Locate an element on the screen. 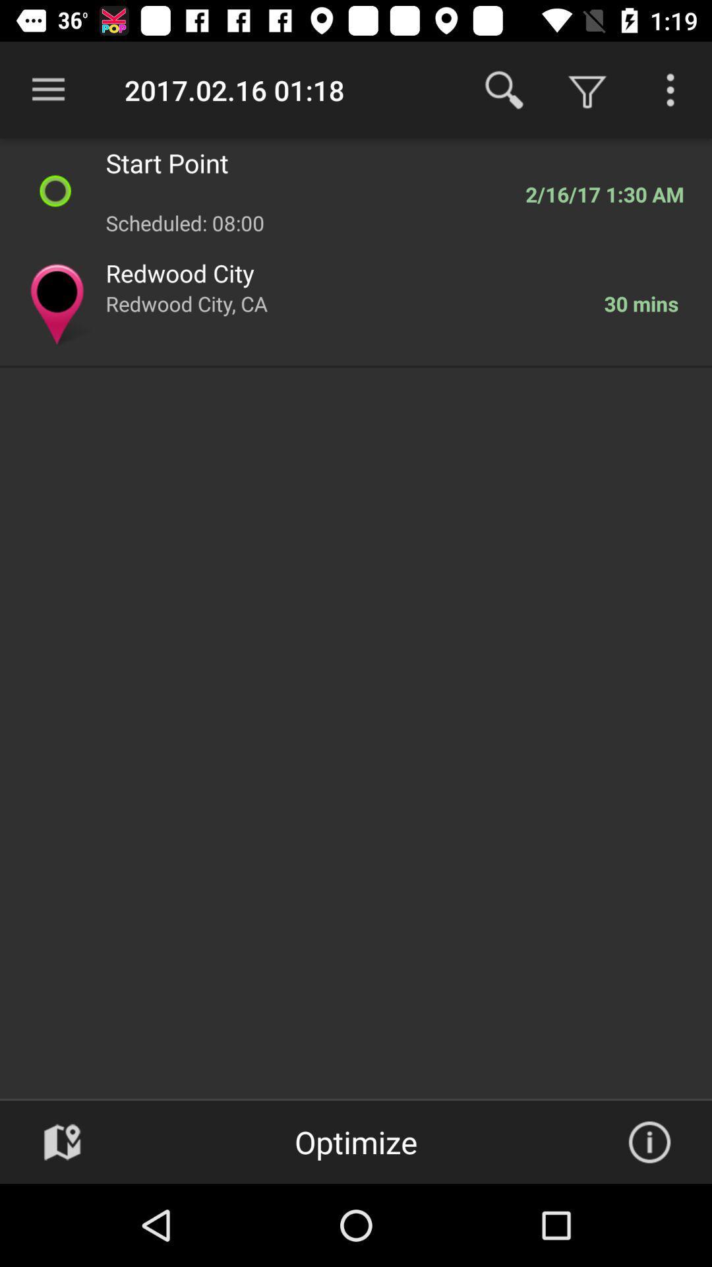 The width and height of the screenshot is (712, 1267). about device option is located at coordinates (649, 1142).